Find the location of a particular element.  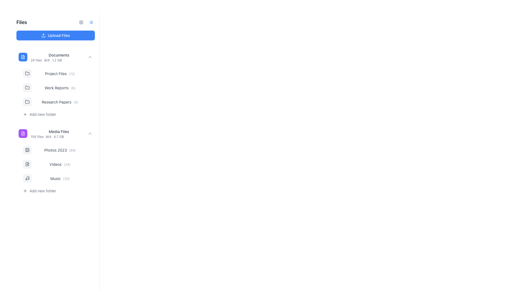

the Icon button representing the 'Music' folder, located at the top-left corner of the 'Music (33)' folder entry in the sidebar is located at coordinates (27, 178).